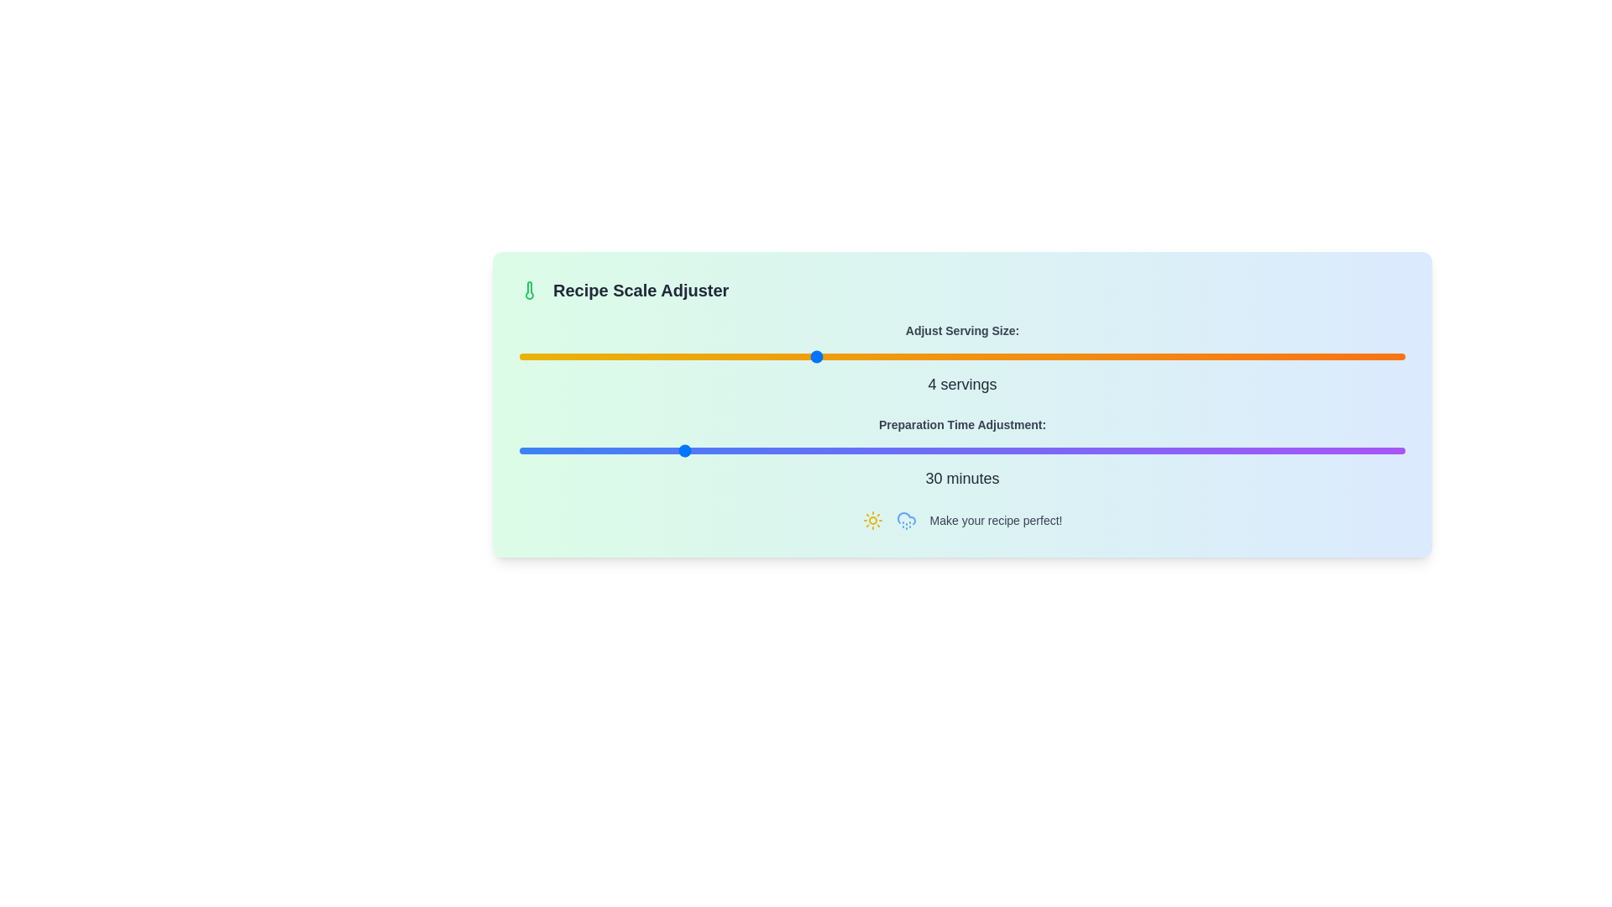 The image size is (1612, 907). Describe the element at coordinates (752, 449) in the screenshot. I see `the preparation time` at that location.